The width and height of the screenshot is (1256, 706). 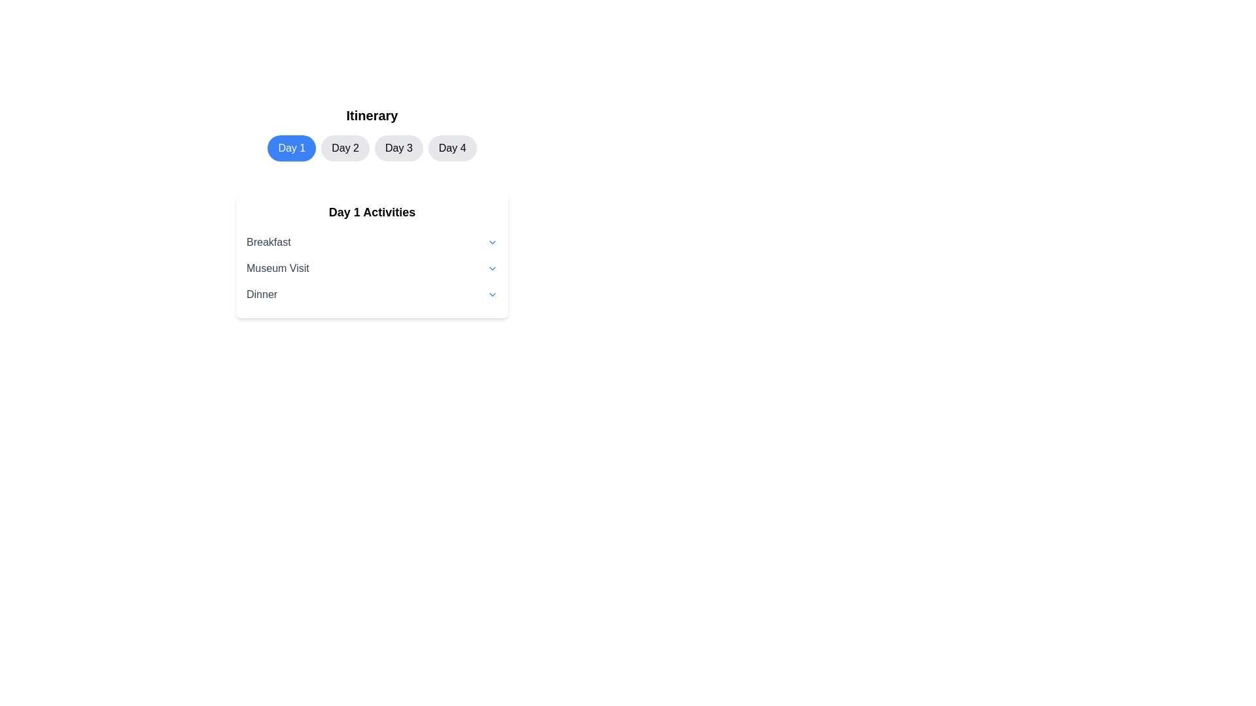 What do you see at coordinates (291, 148) in the screenshot?
I see `the 'Day 1' button, which is a rounded rectangular button with a blue background and white text, located in the top-left corner of the group of four buttons under the title 'Itinerary'` at bounding box center [291, 148].